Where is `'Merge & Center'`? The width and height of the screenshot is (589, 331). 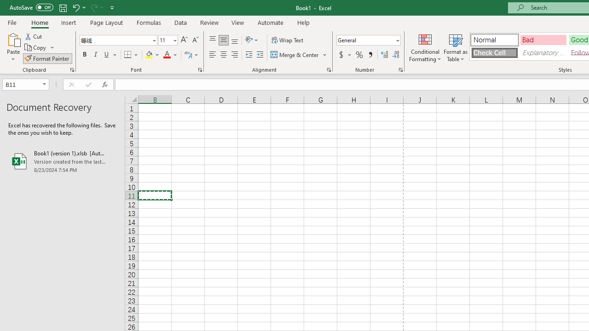 'Merge & Center' is located at coordinates (299, 55).